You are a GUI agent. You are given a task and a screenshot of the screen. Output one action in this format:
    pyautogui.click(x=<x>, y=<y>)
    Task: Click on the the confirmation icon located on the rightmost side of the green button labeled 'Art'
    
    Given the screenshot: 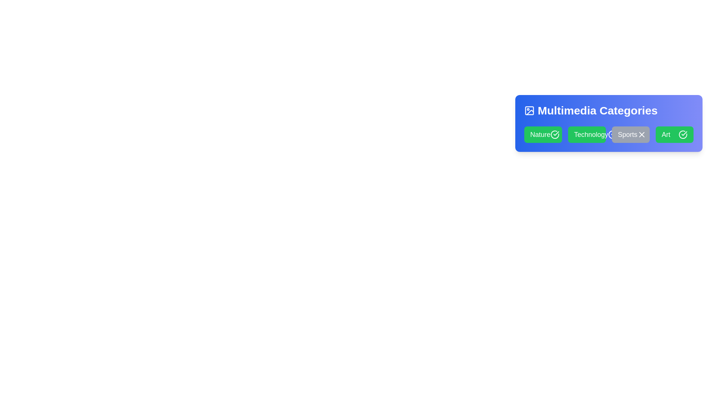 What is the action you would take?
    pyautogui.click(x=556, y=133)
    